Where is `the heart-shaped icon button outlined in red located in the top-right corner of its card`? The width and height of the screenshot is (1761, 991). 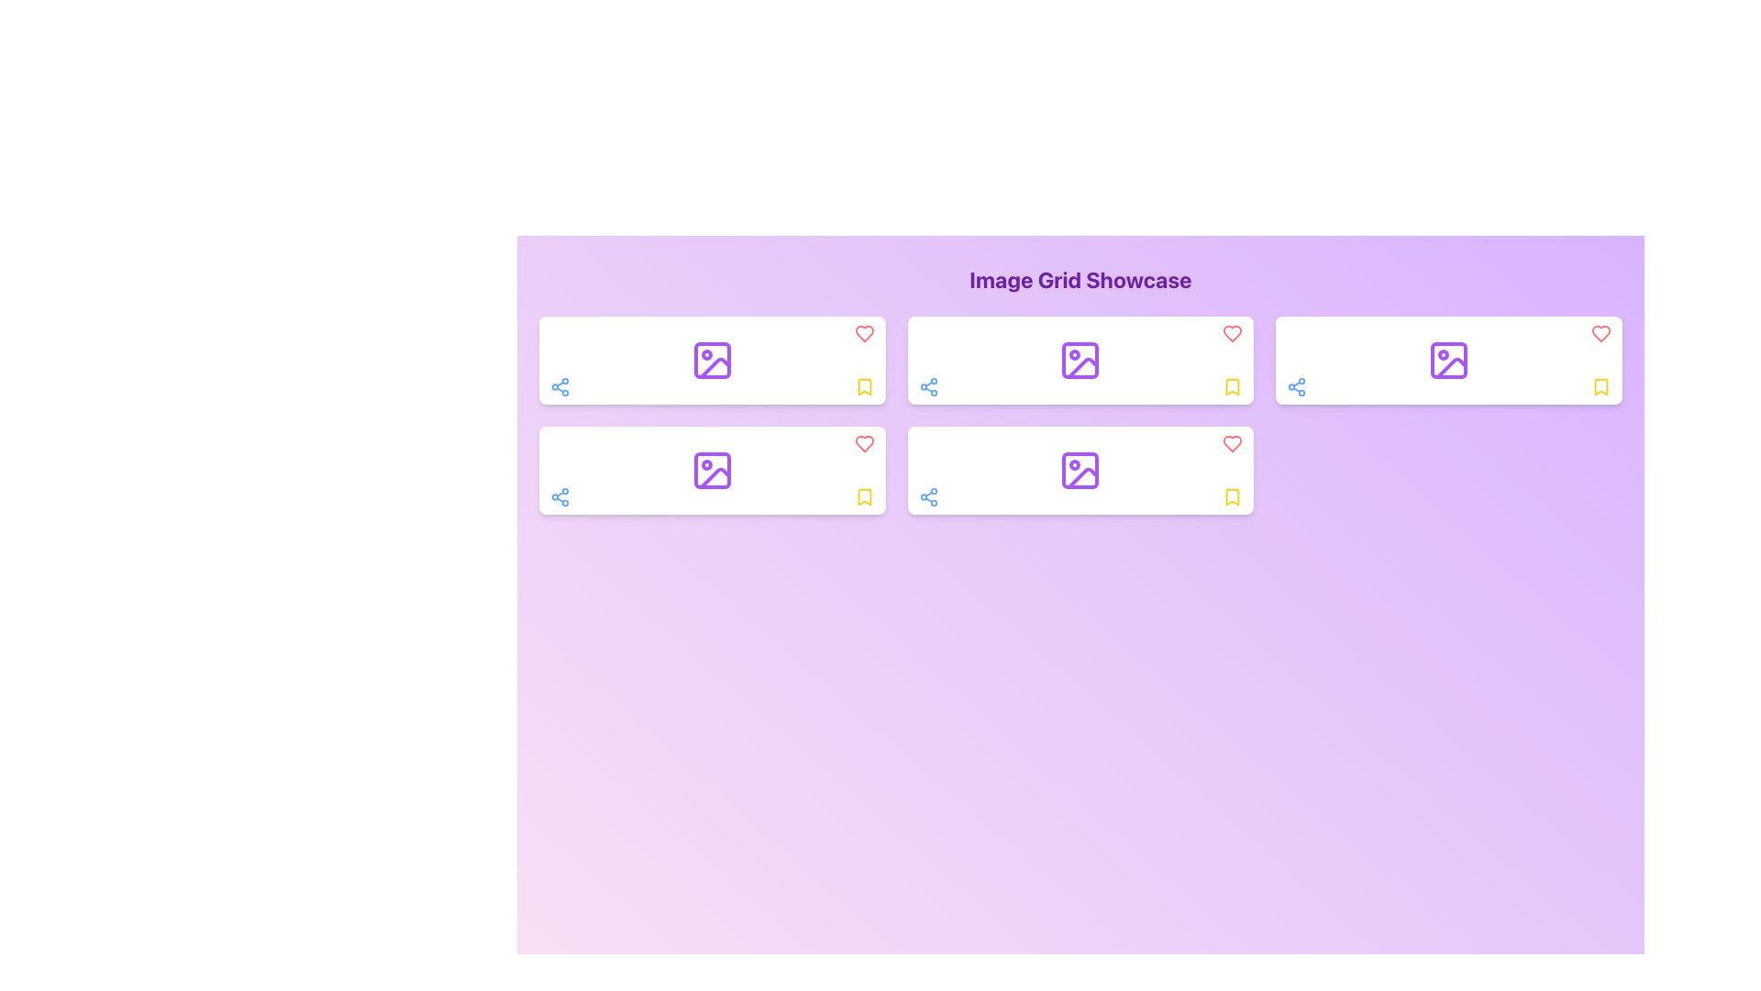 the heart-shaped icon button outlined in red located in the top-right corner of its card is located at coordinates (1233, 443).